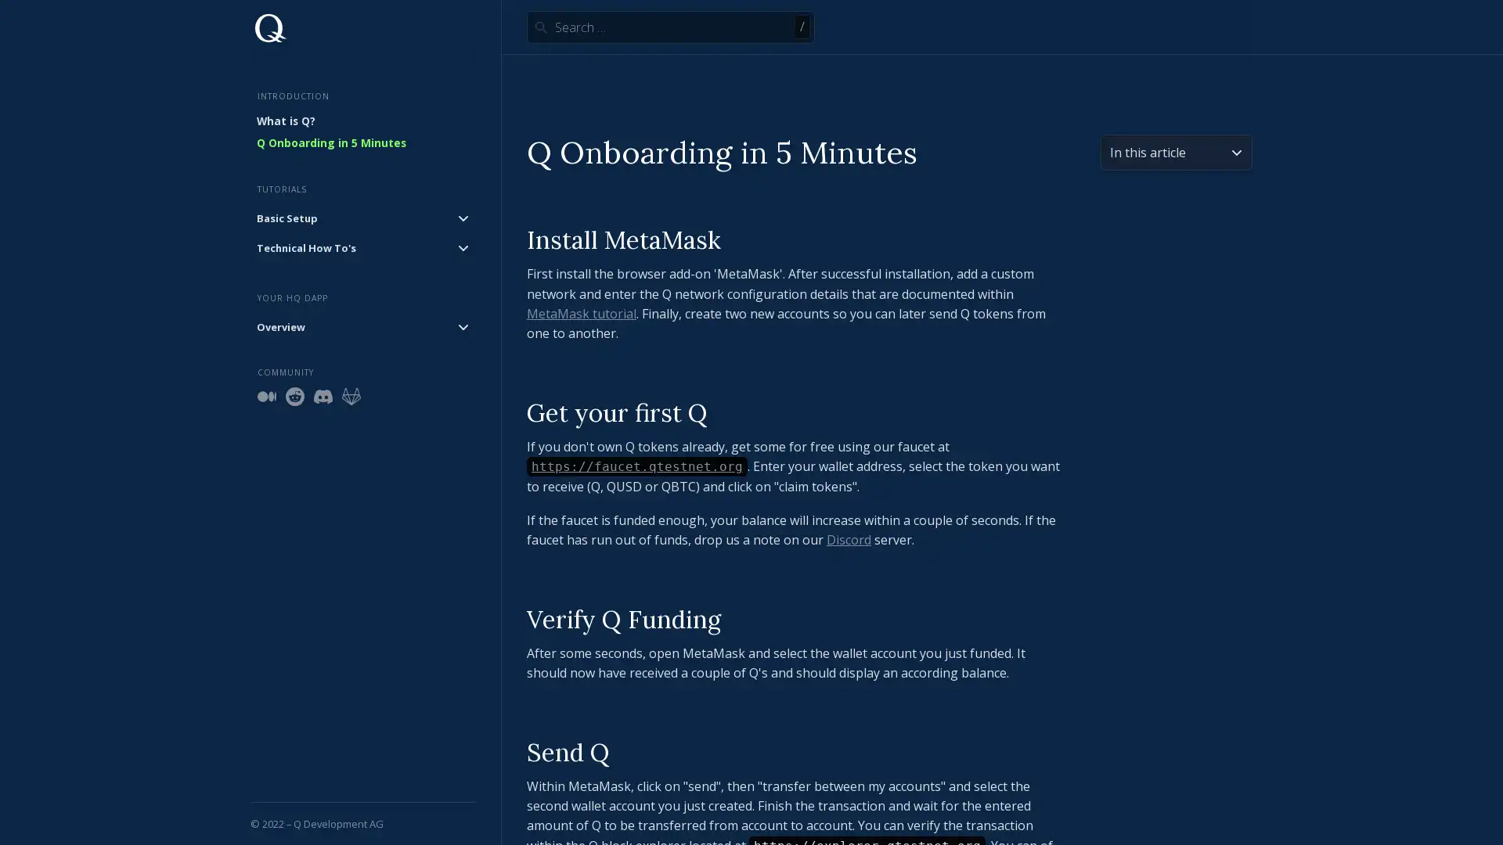 The width and height of the screenshot is (1503, 845). I want to click on Overview, so click(362, 325).